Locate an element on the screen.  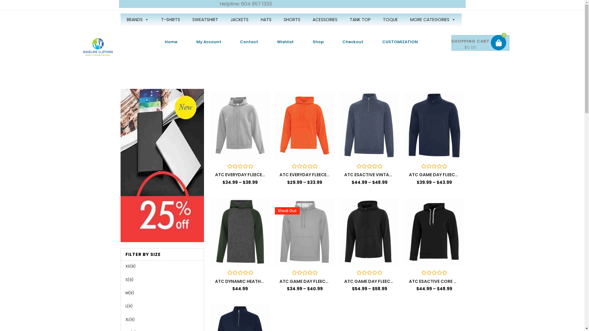
'T-SHIRTS' is located at coordinates (170, 19).